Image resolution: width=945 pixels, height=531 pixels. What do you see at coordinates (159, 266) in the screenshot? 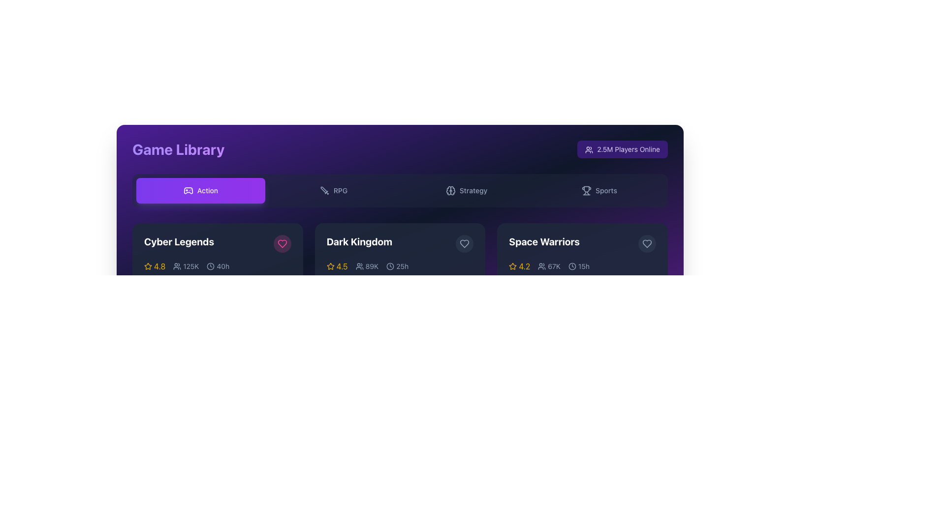
I see `the static text element displaying the numerical rating '4.8', which is styled in yellow and positioned next to a yellow star icon on the 'Cyber Legends' game card` at bounding box center [159, 266].